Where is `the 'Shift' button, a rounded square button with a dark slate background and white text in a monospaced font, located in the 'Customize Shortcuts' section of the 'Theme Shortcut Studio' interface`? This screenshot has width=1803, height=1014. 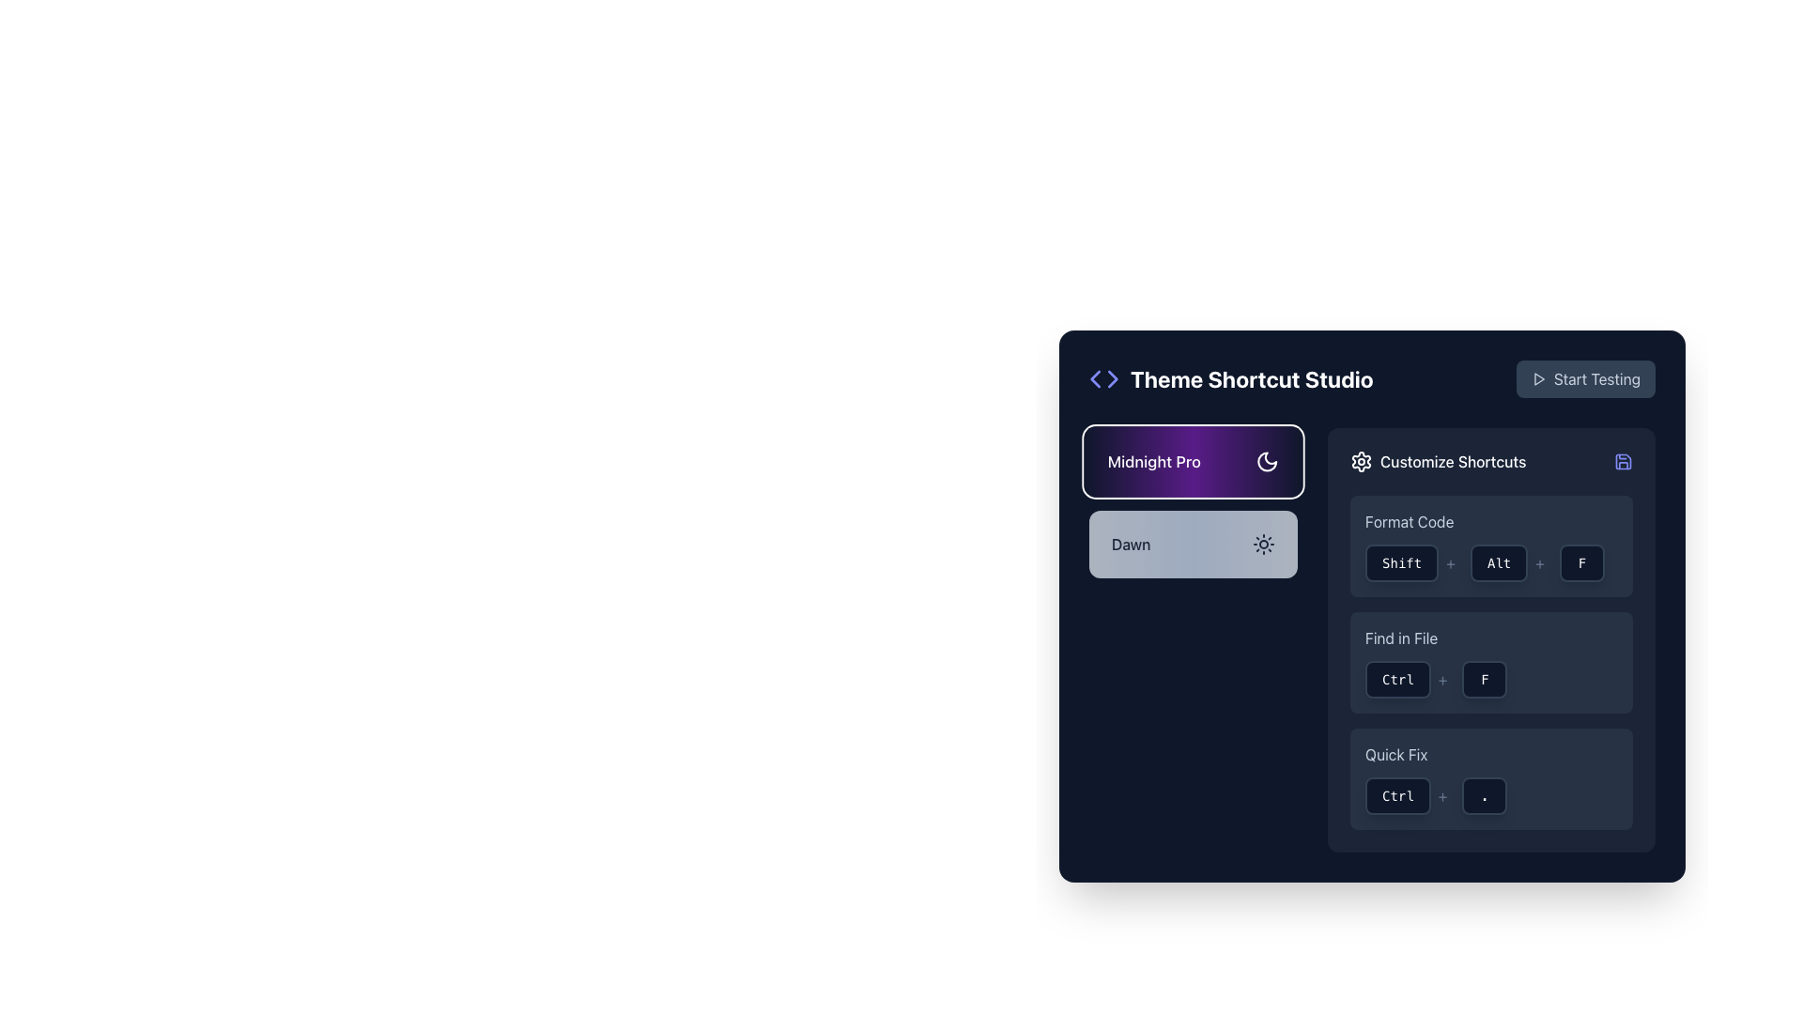 the 'Shift' button, a rounded square button with a dark slate background and white text in a monospaced font, located in the 'Customize Shortcuts' section of the 'Theme Shortcut Studio' interface is located at coordinates (1401, 562).